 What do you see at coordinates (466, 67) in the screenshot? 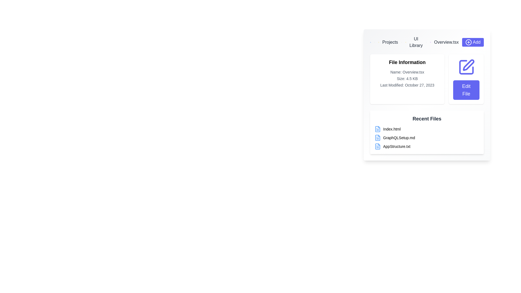
I see `the SVG icon representing an editing function, which is identified by the class 'lucide lucide-square-pen'` at bounding box center [466, 67].